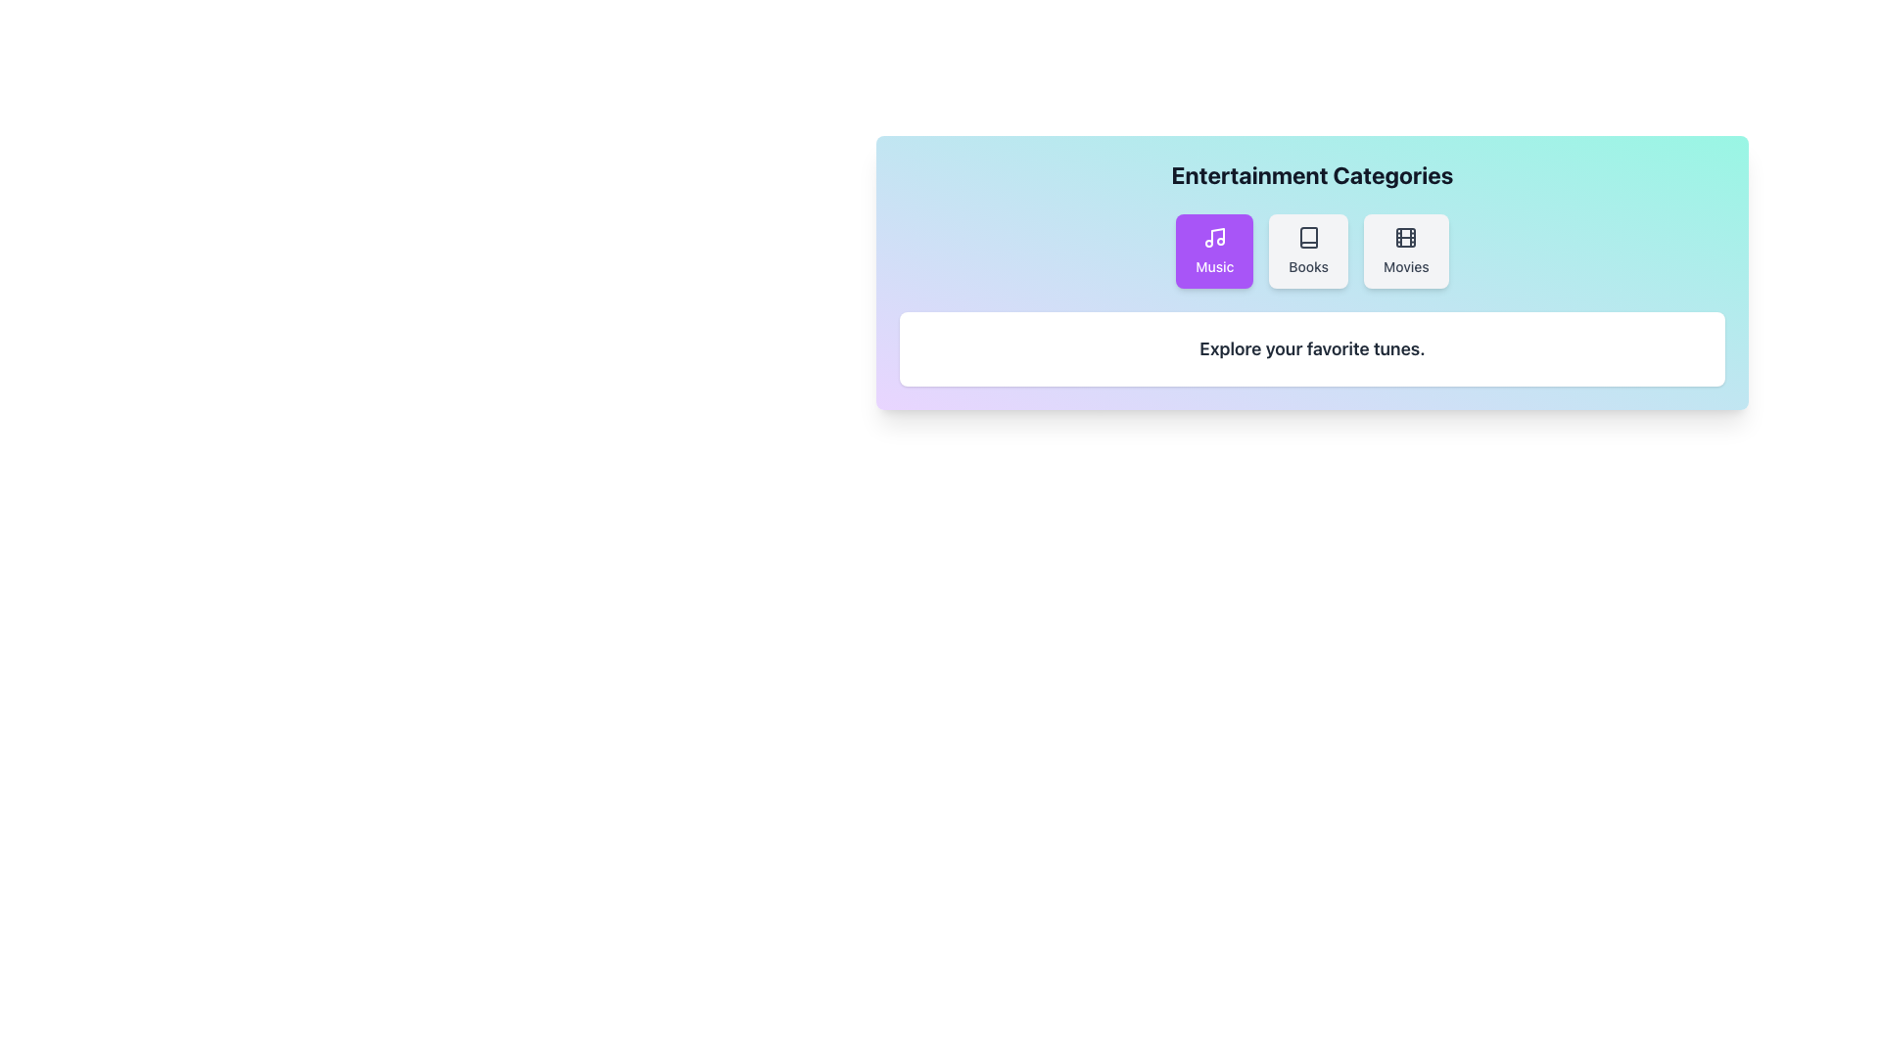 The image size is (1880, 1057). What do you see at coordinates (1405, 237) in the screenshot?
I see `the decorative SVG icon component, a light grey or white rounded rectangle located centrally within the 'Movies' icon in the 'Entertainment Categories' section` at bounding box center [1405, 237].